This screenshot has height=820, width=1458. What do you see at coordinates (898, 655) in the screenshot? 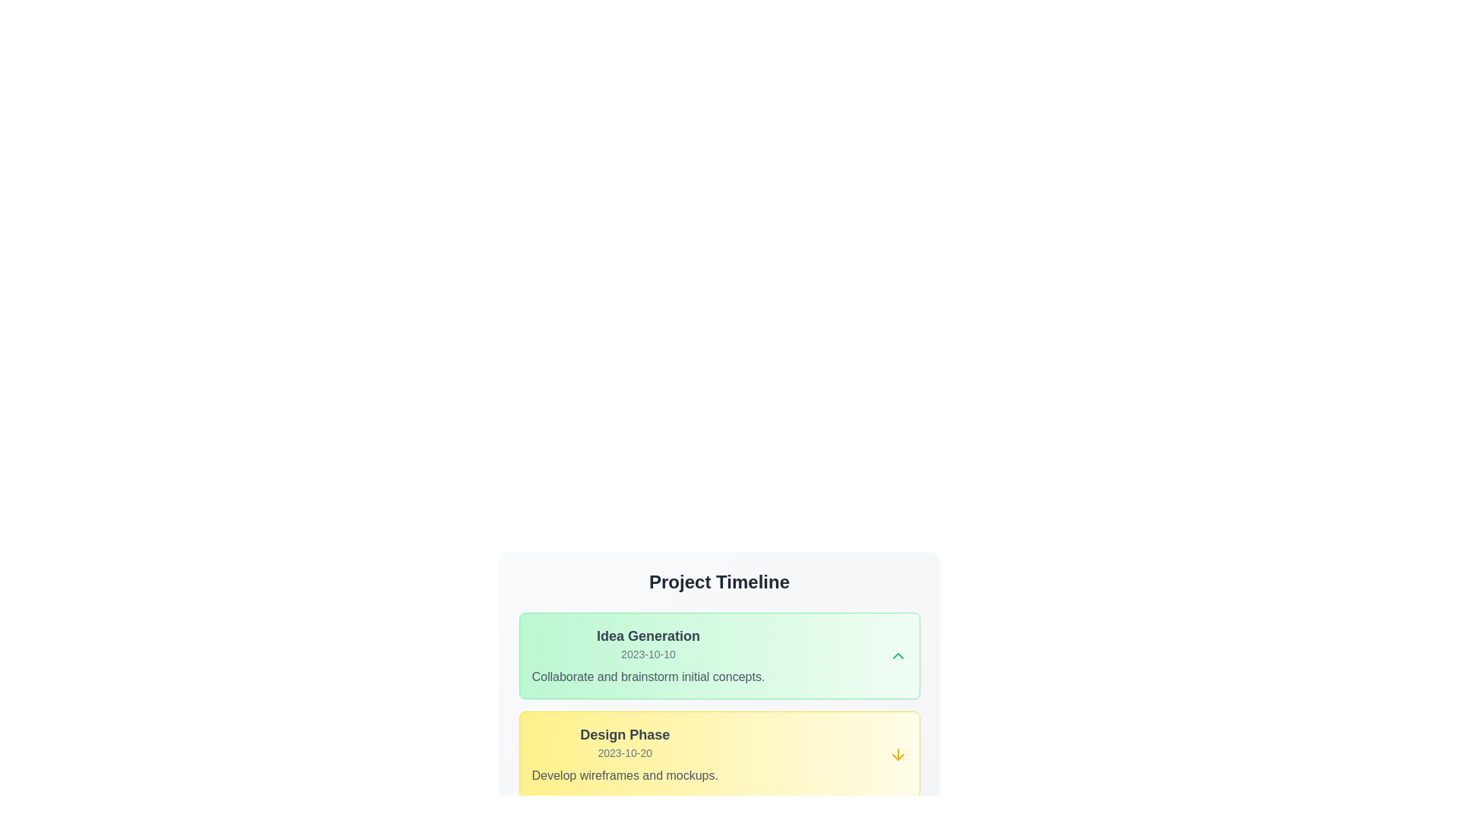
I see `the small upward-pointing chevron icon styled as a green arrow located in the shaded box labeled 'Idea Generation'` at bounding box center [898, 655].